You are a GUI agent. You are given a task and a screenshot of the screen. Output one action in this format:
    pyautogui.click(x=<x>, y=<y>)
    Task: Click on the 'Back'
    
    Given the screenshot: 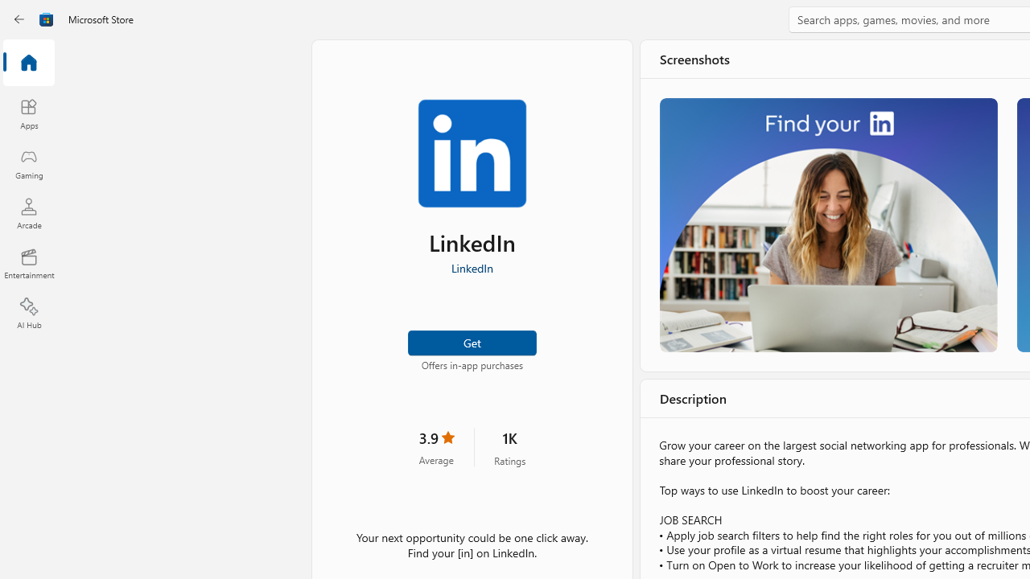 What is the action you would take?
    pyautogui.click(x=19, y=19)
    